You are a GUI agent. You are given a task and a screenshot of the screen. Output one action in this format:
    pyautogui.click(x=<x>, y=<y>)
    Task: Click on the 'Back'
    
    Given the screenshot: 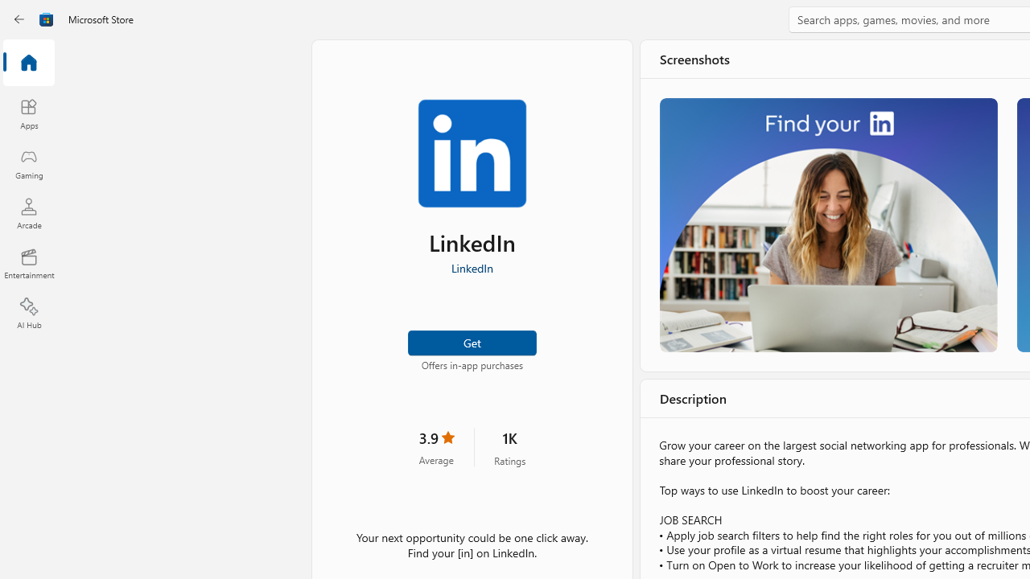 What is the action you would take?
    pyautogui.click(x=19, y=19)
    